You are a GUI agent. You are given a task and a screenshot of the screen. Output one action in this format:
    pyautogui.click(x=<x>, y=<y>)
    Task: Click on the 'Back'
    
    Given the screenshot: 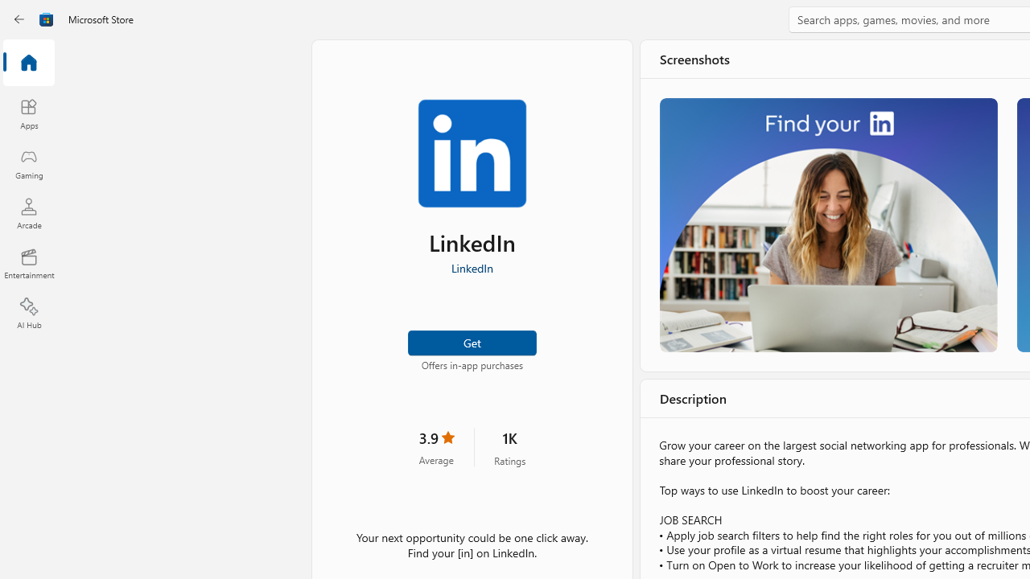 What is the action you would take?
    pyautogui.click(x=19, y=19)
    